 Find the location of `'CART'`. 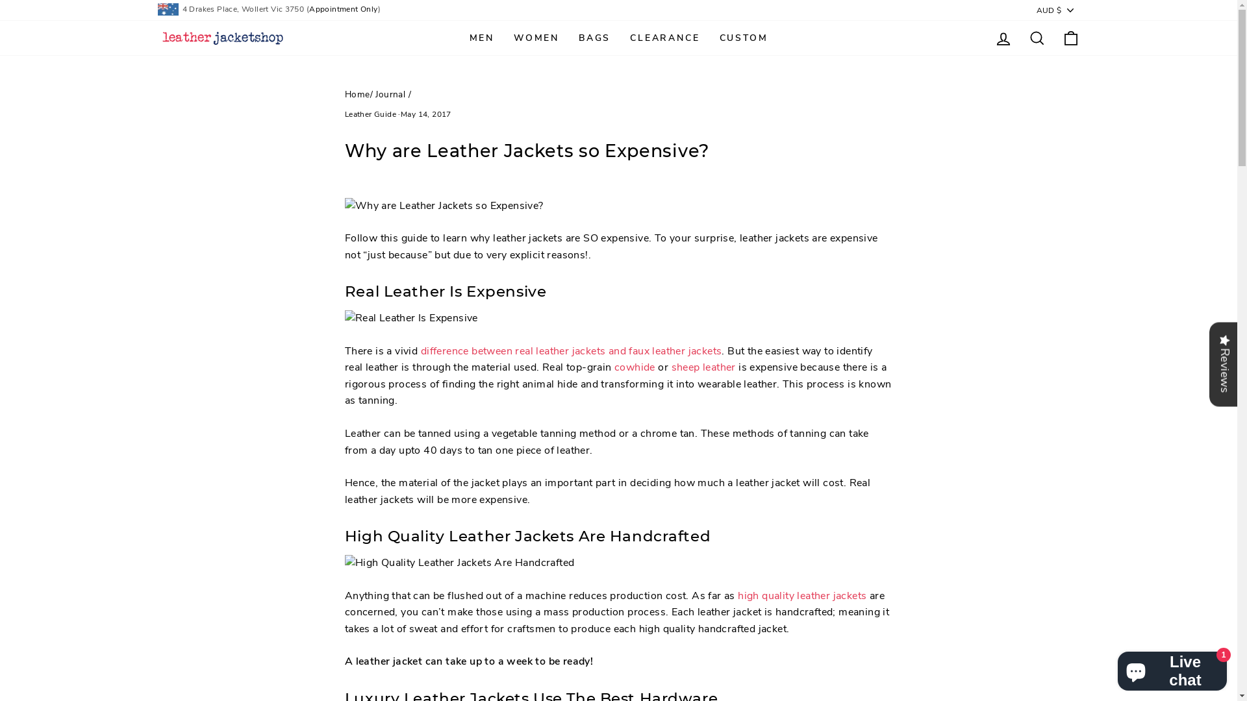

'CART' is located at coordinates (1070, 37).